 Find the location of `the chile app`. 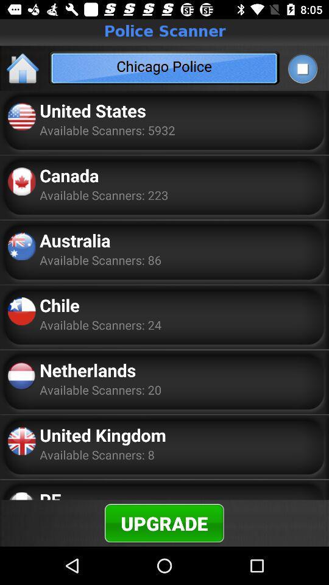

the chile app is located at coordinates (59, 304).